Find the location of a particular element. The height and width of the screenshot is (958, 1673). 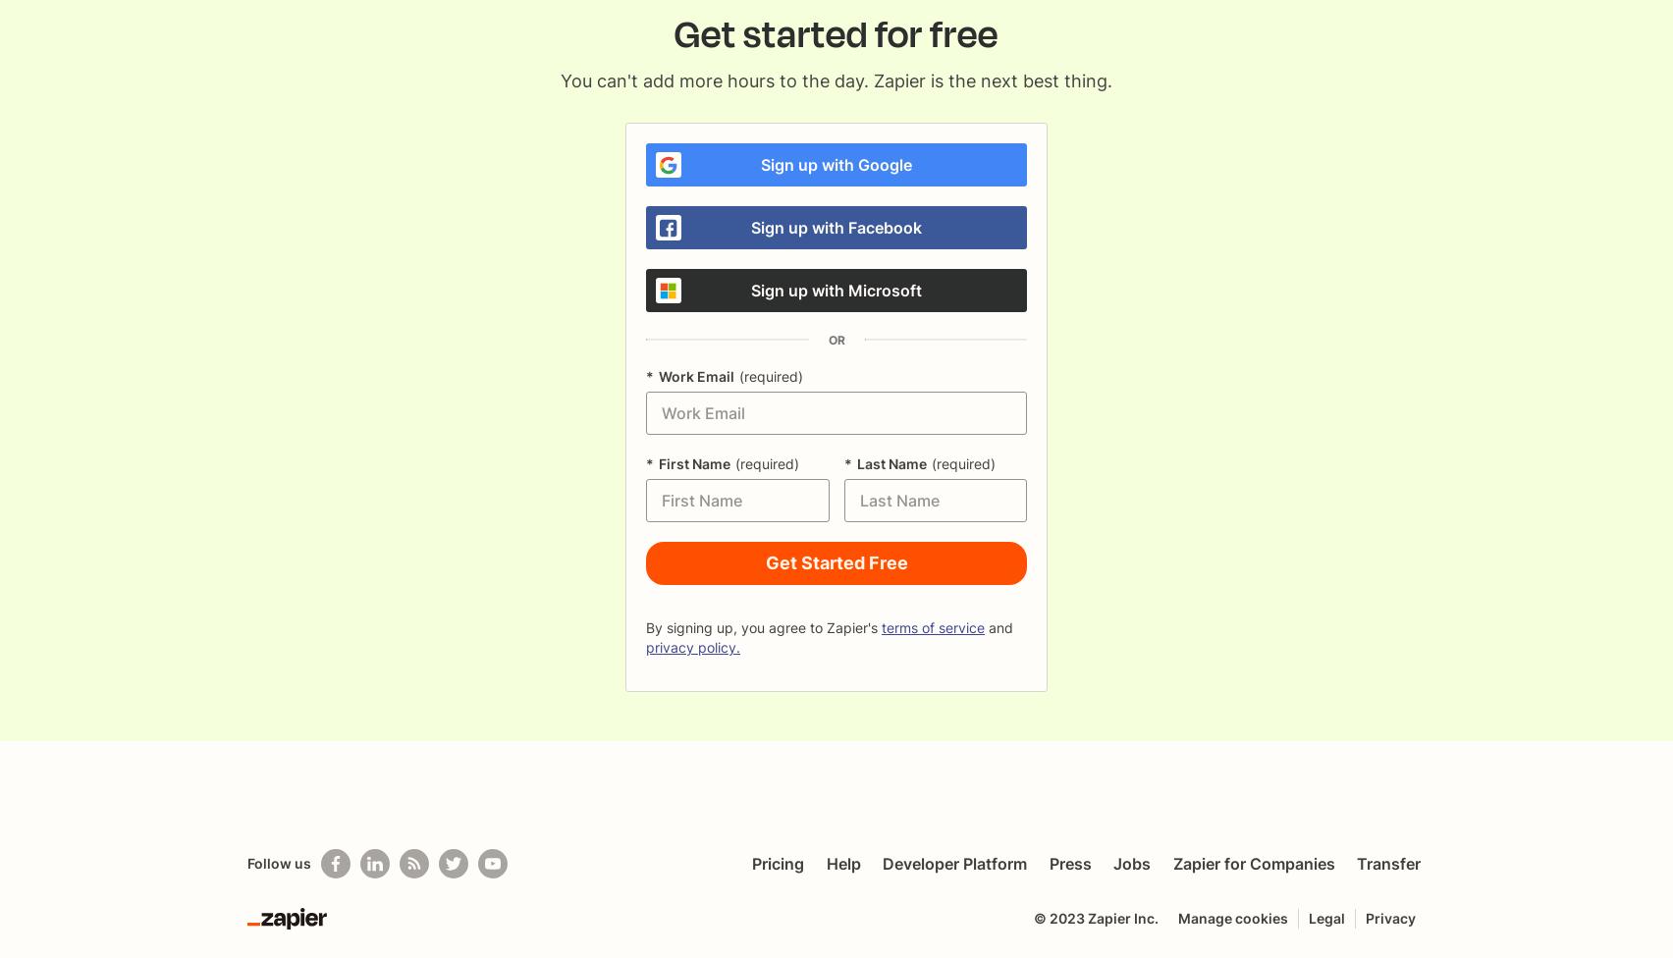

'Jobs' is located at coordinates (1112, 862).